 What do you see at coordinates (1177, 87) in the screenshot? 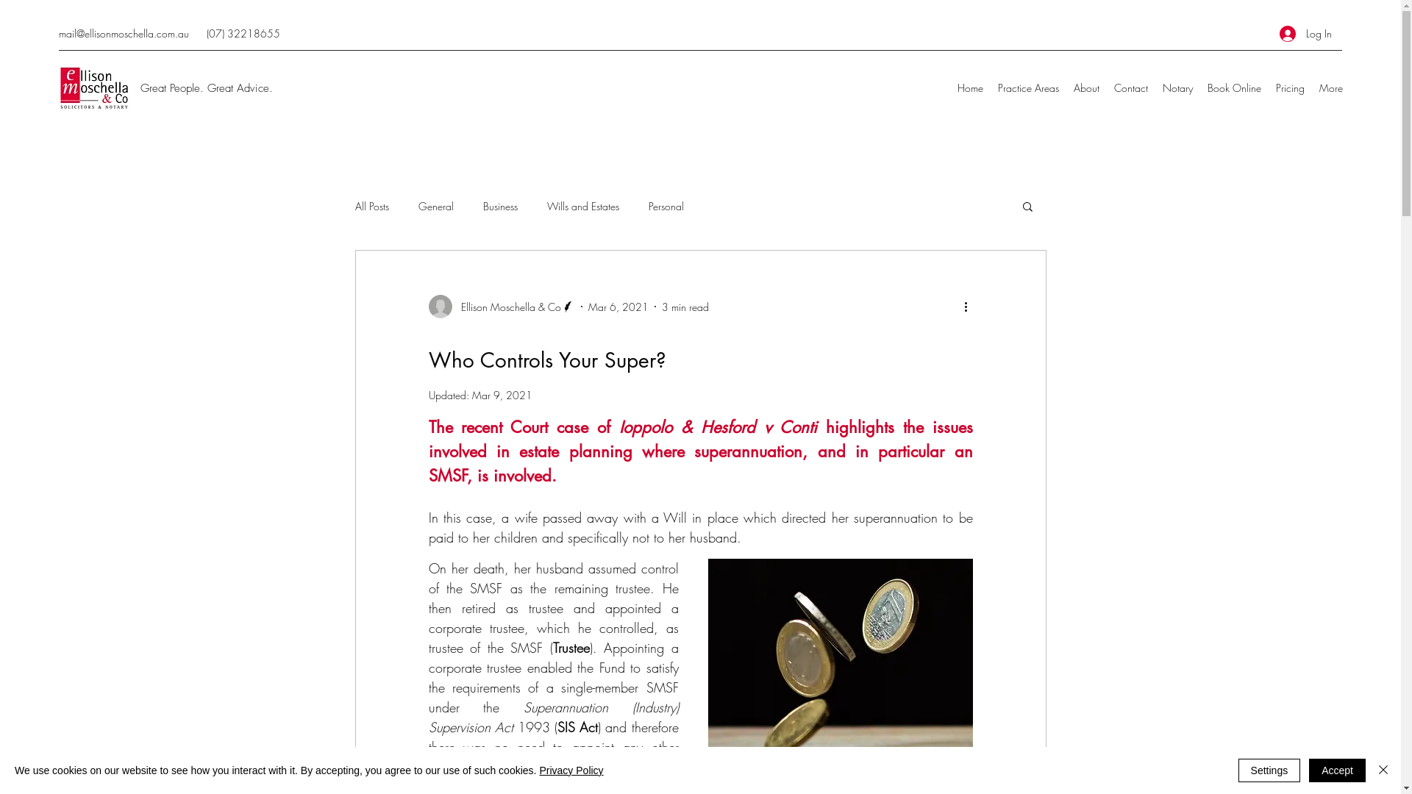
I see `'Notary'` at bounding box center [1177, 87].